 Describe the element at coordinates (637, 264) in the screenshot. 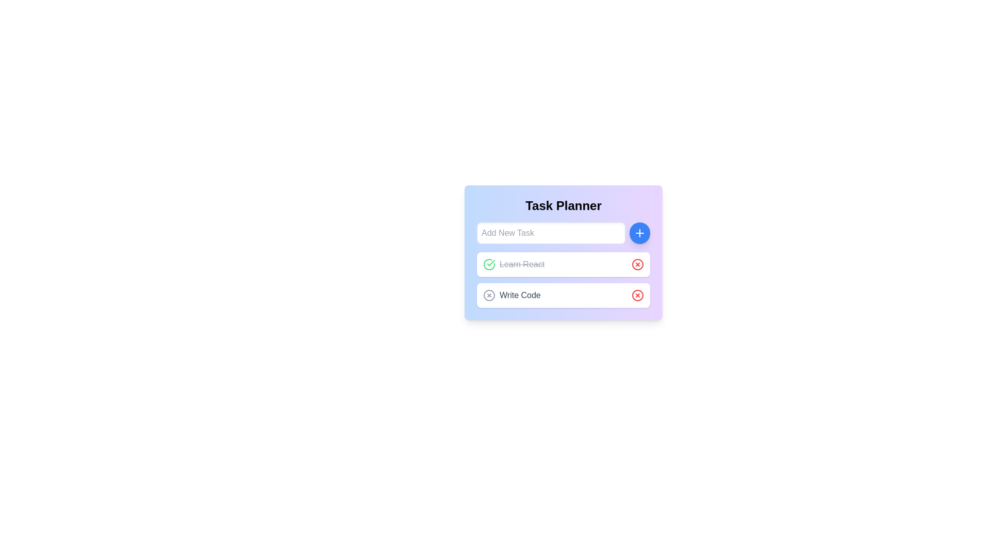

I see `the delete button for the task 'Learn React' in the task planner interface` at that location.